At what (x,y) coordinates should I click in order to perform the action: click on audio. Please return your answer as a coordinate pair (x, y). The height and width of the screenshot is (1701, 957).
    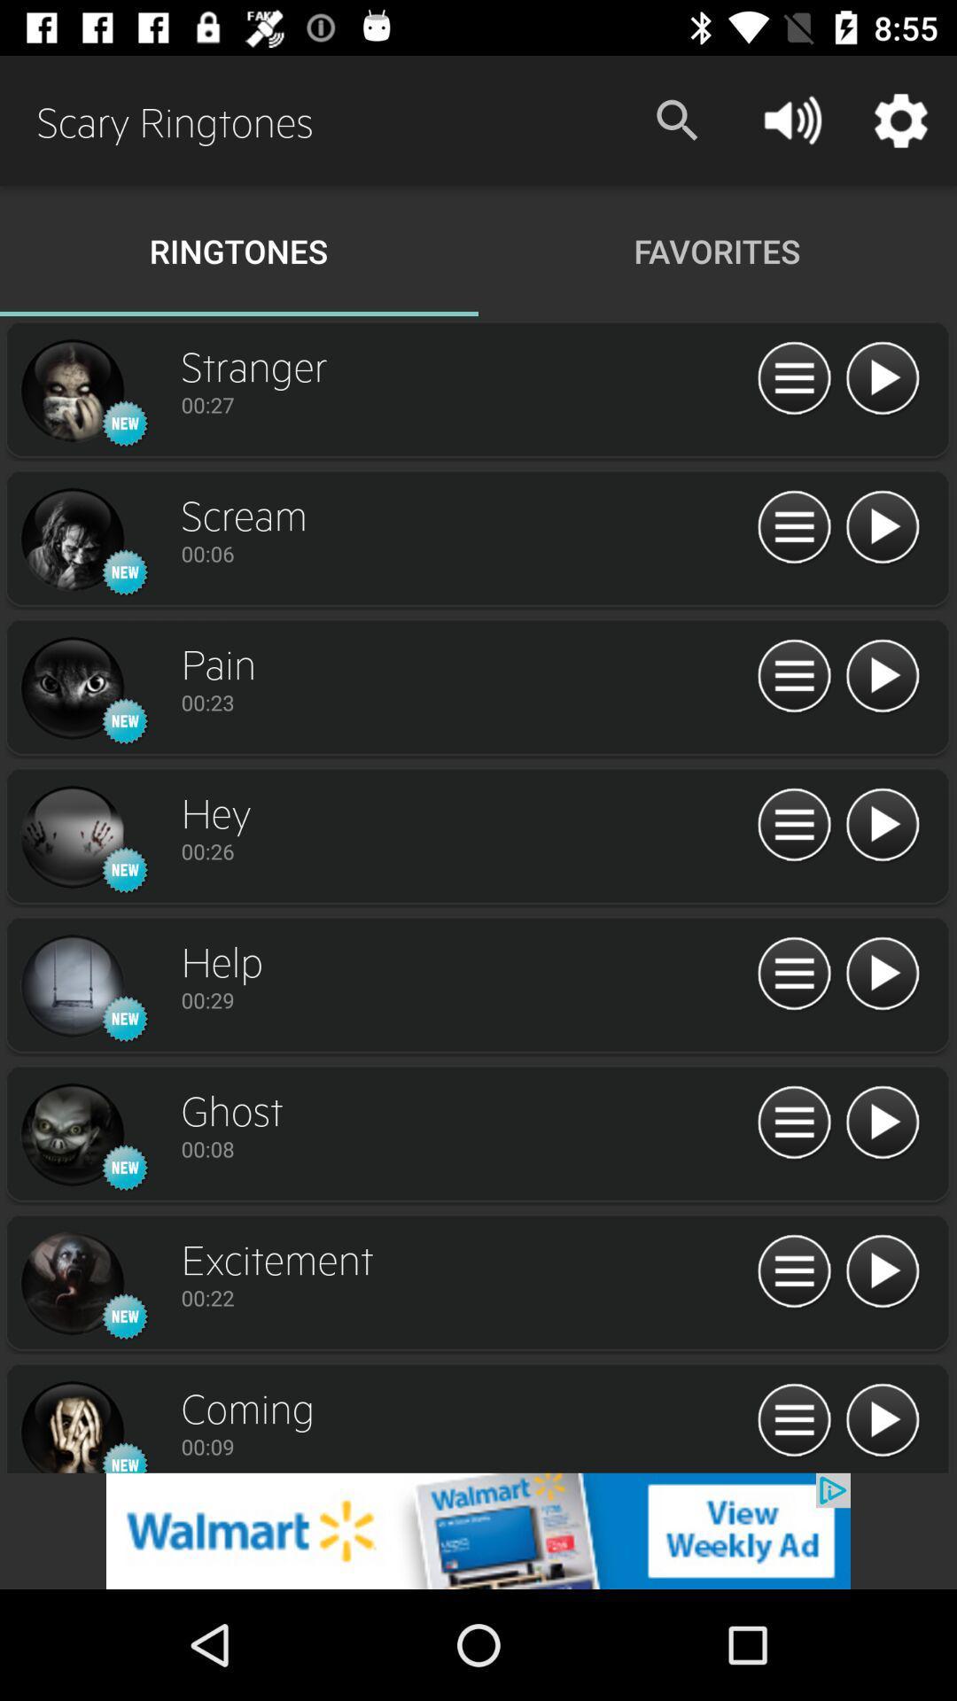
    Looking at the image, I should click on (882, 1122).